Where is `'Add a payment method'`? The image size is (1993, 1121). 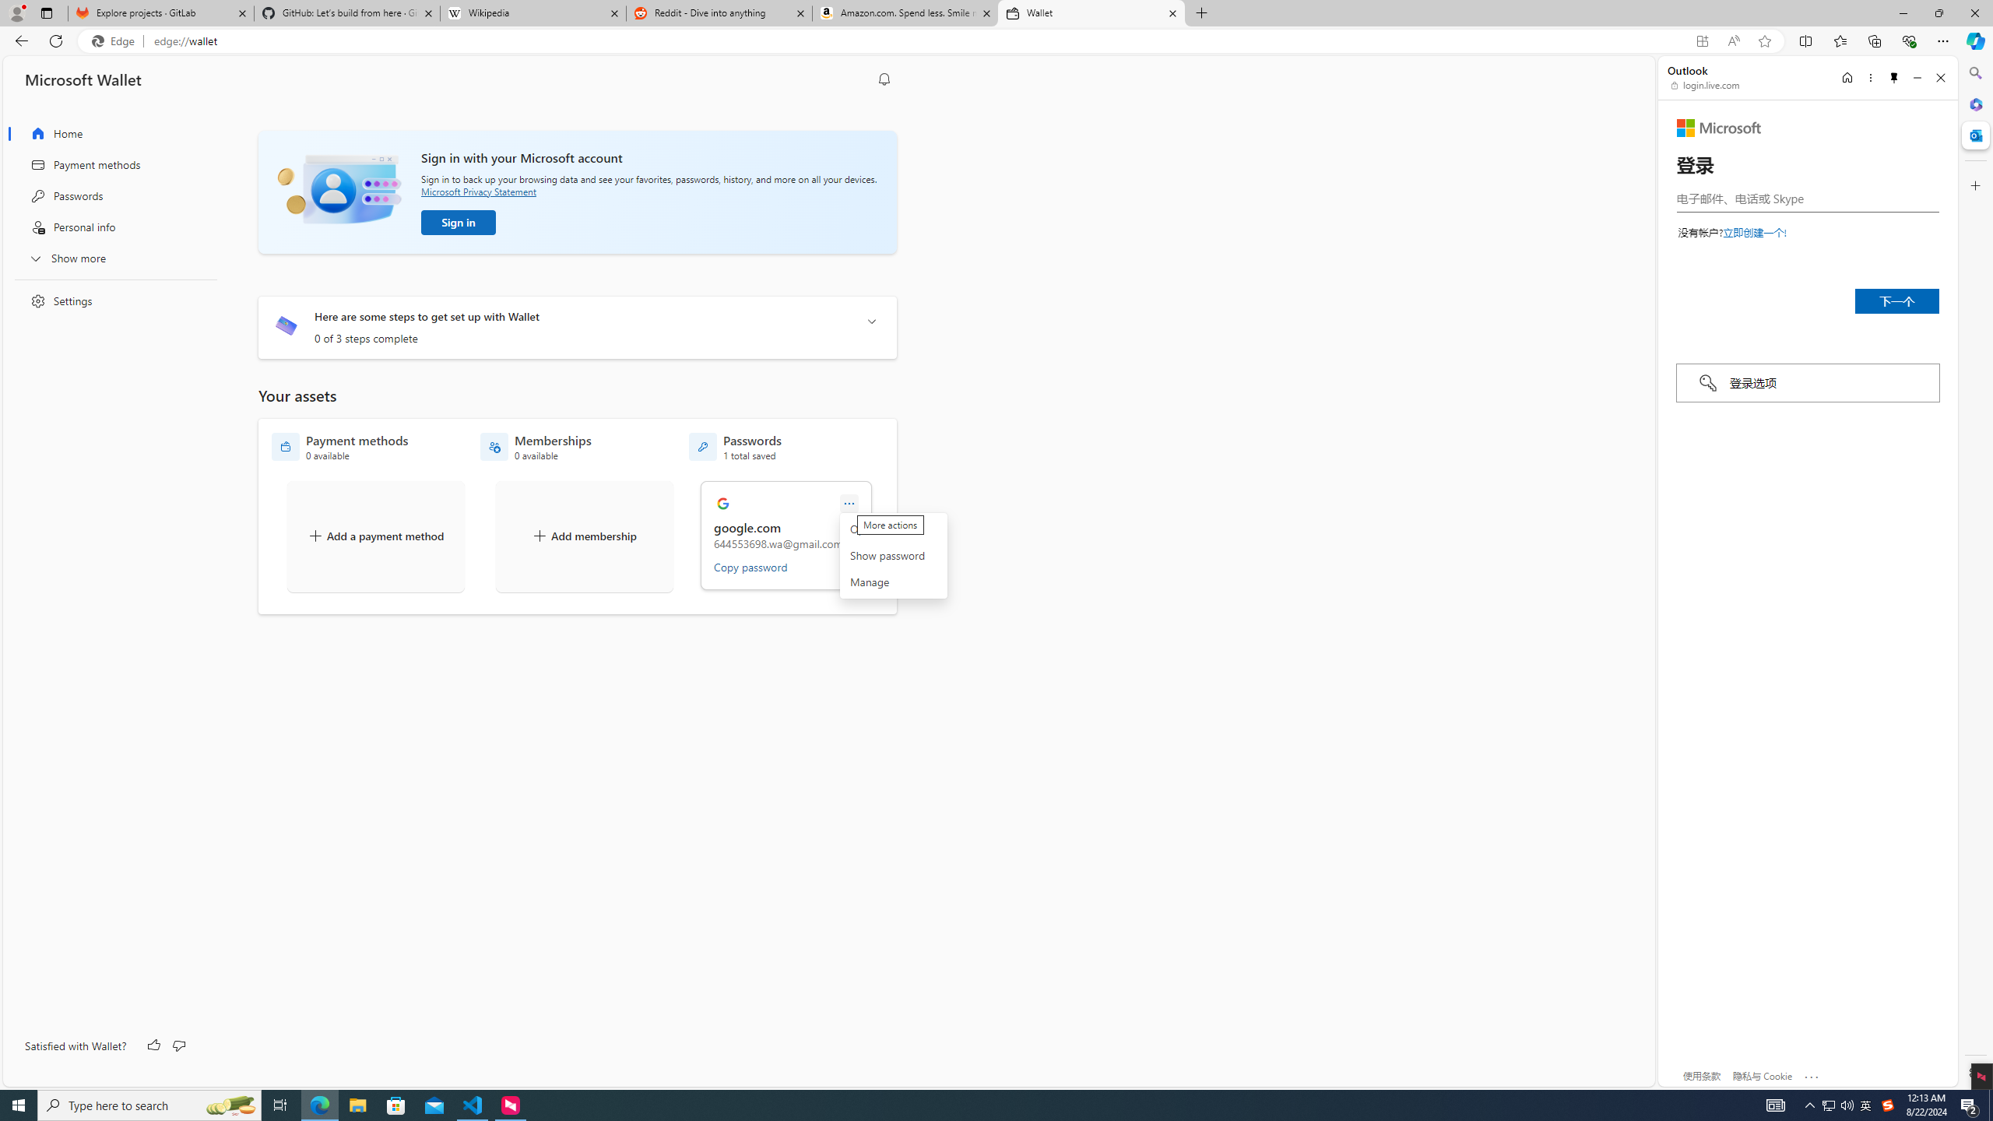
'Add a payment method' is located at coordinates (374, 536).